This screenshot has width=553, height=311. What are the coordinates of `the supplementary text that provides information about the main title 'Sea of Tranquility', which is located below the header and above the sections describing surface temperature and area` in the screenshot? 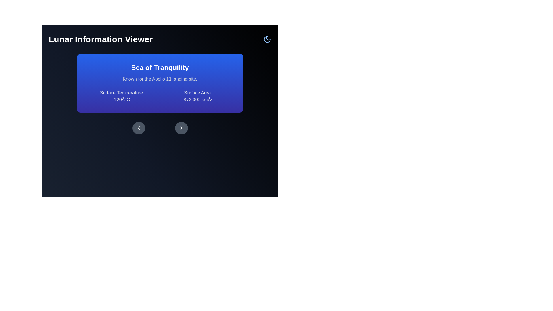 It's located at (160, 79).